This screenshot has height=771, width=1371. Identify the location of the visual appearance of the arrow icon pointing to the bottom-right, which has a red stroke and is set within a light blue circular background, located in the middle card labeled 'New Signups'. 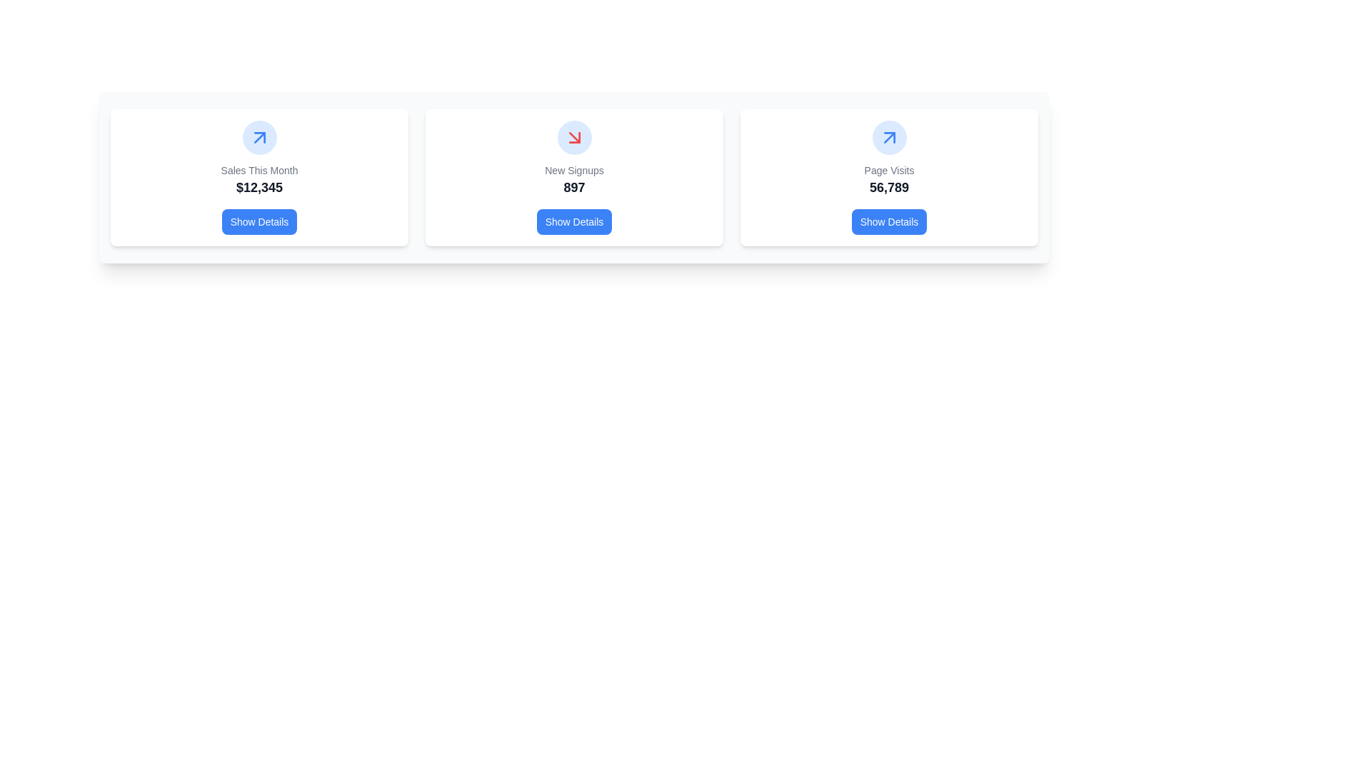
(574, 137).